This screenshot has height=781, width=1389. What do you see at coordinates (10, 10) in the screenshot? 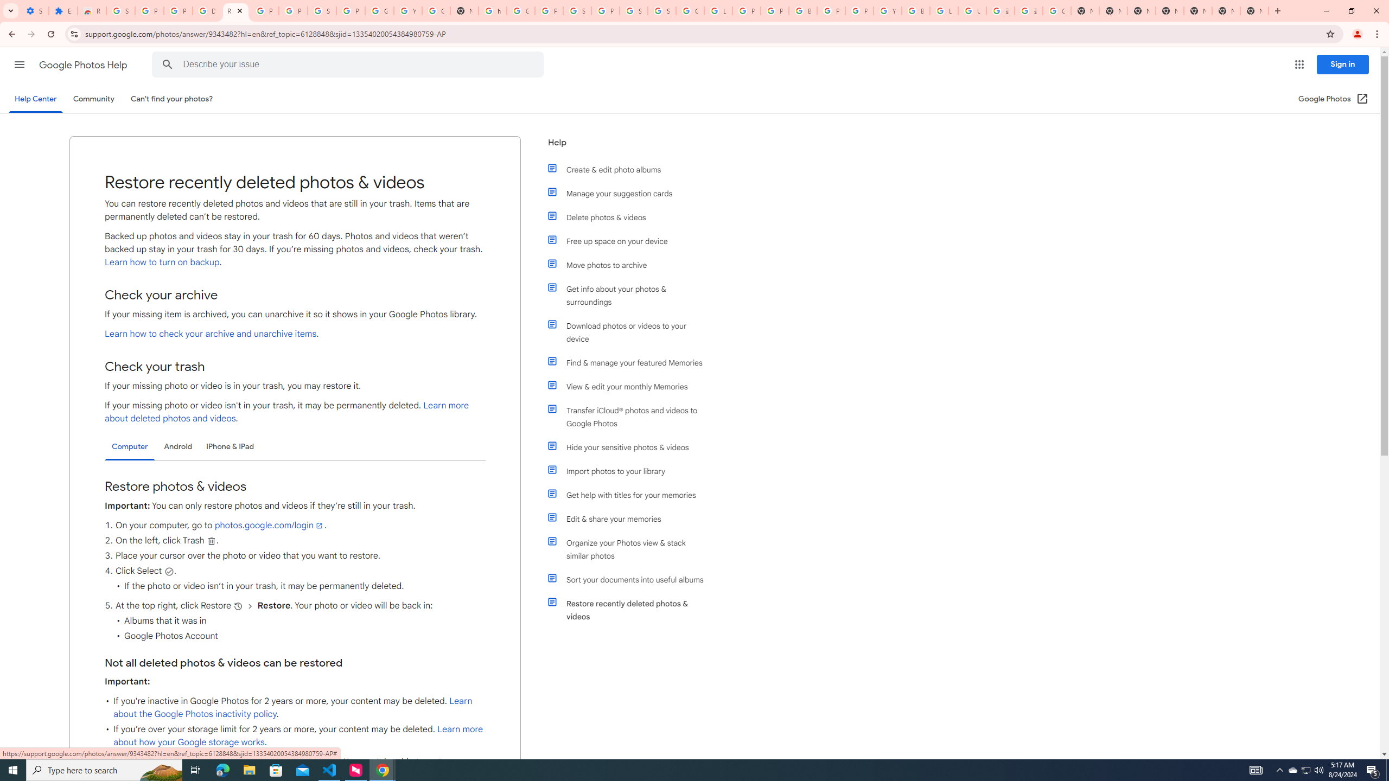
I see `'Search tabs'` at bounding box center [10, 10].